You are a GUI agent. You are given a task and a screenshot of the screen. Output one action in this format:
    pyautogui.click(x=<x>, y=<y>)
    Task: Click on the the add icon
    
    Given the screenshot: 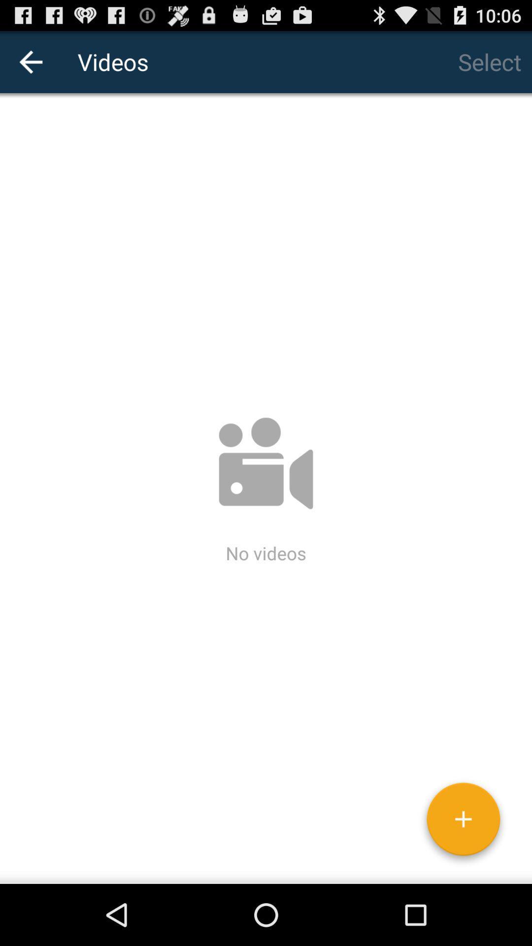 What is the action you would take?
    pyautogui.click(x=463, y=880)
    